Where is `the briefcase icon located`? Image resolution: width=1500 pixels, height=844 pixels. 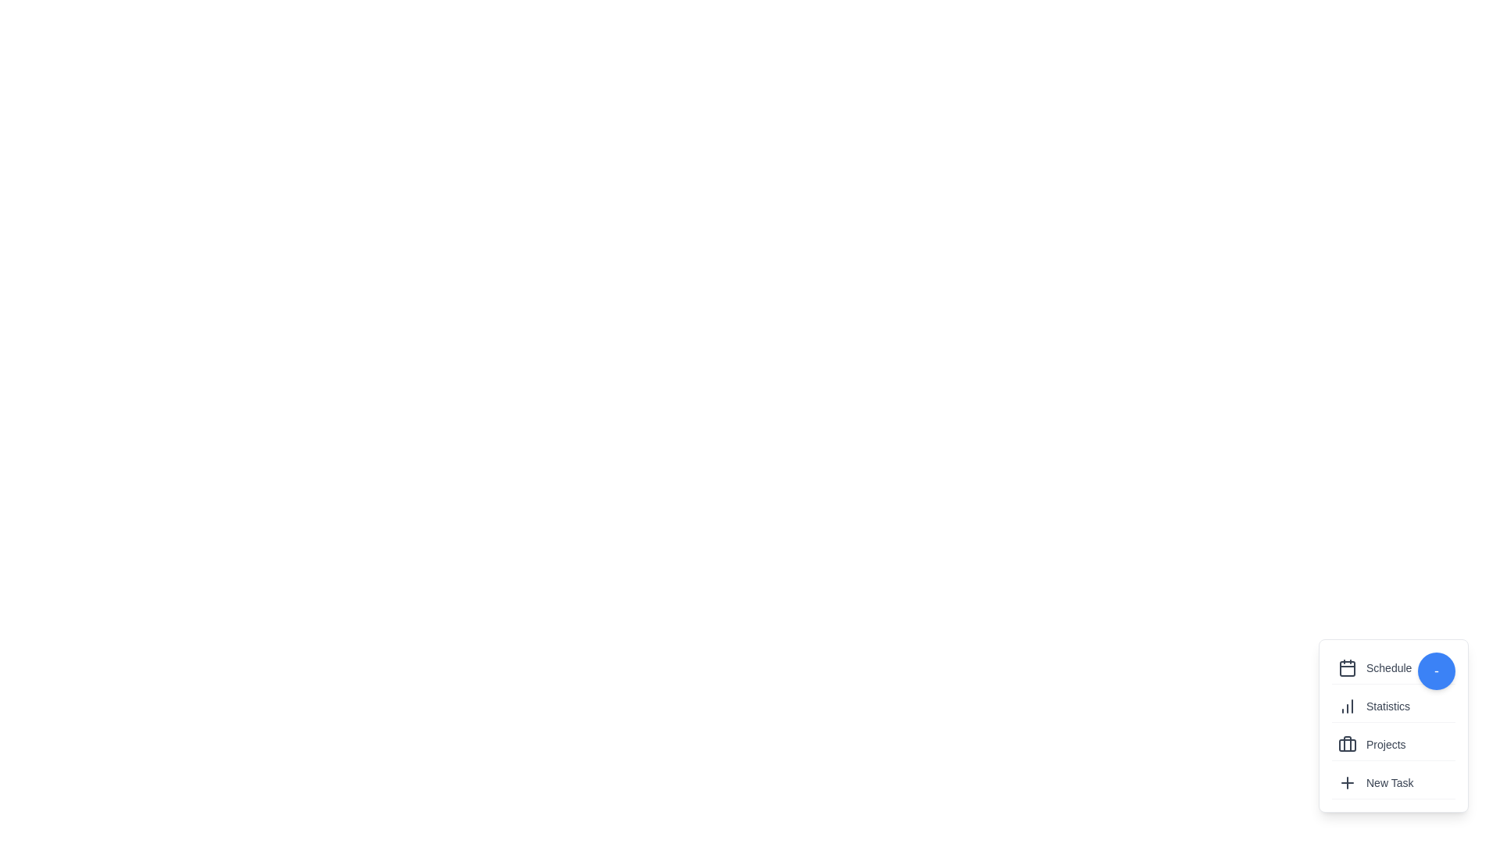
the briefcase icon located is located at coordinates (1346, 743).